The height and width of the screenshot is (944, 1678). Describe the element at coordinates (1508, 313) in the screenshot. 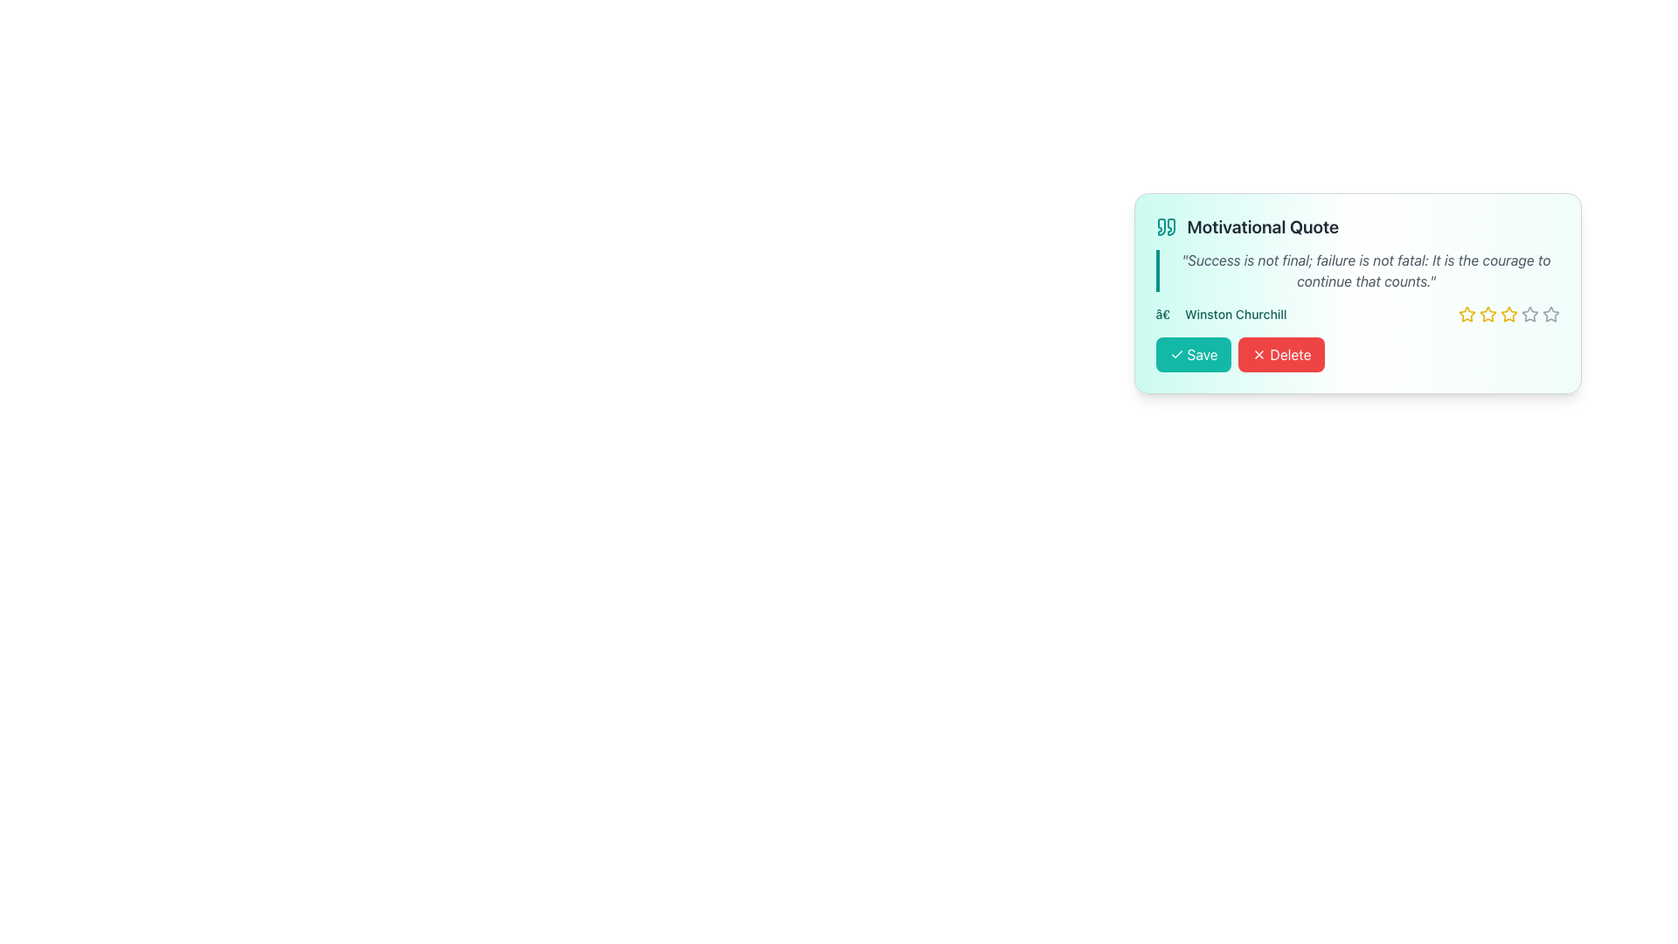

I see `the third yellow star icon in the rating interface` at that location.